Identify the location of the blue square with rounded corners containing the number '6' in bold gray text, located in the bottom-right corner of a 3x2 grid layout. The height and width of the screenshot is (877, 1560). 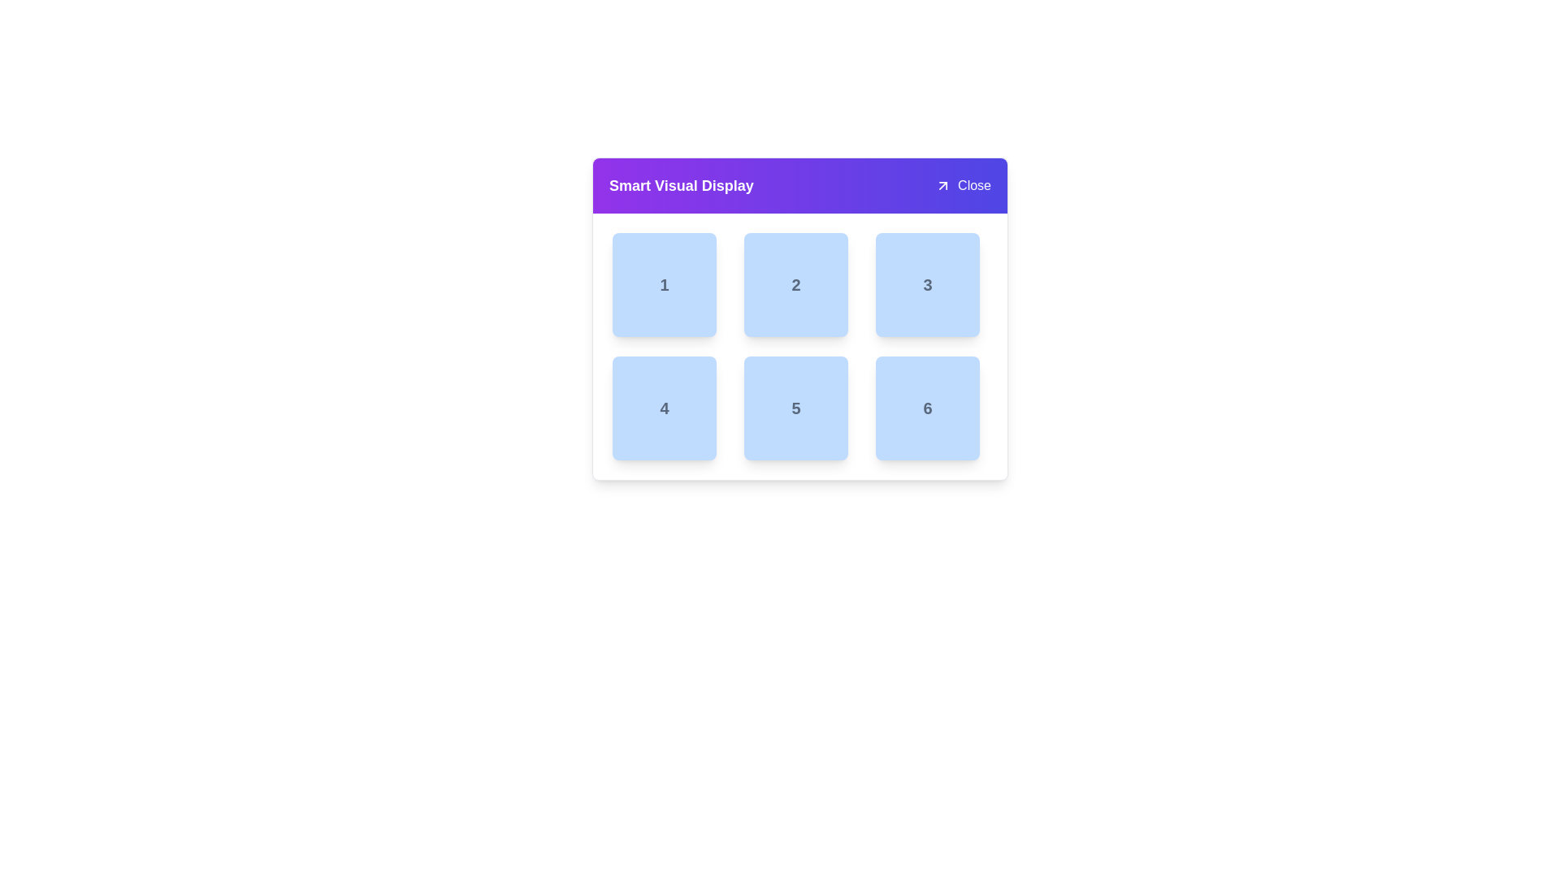
(928, 407).